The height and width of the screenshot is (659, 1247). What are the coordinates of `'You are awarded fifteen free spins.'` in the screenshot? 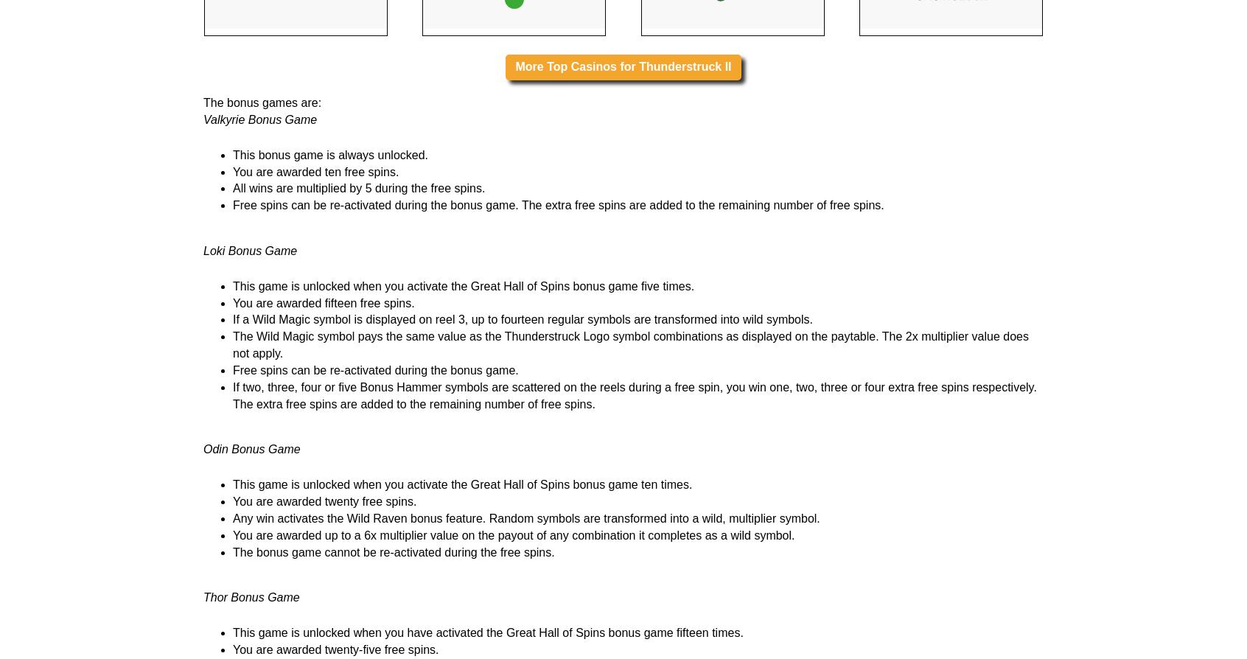 It's located at (323, 487).